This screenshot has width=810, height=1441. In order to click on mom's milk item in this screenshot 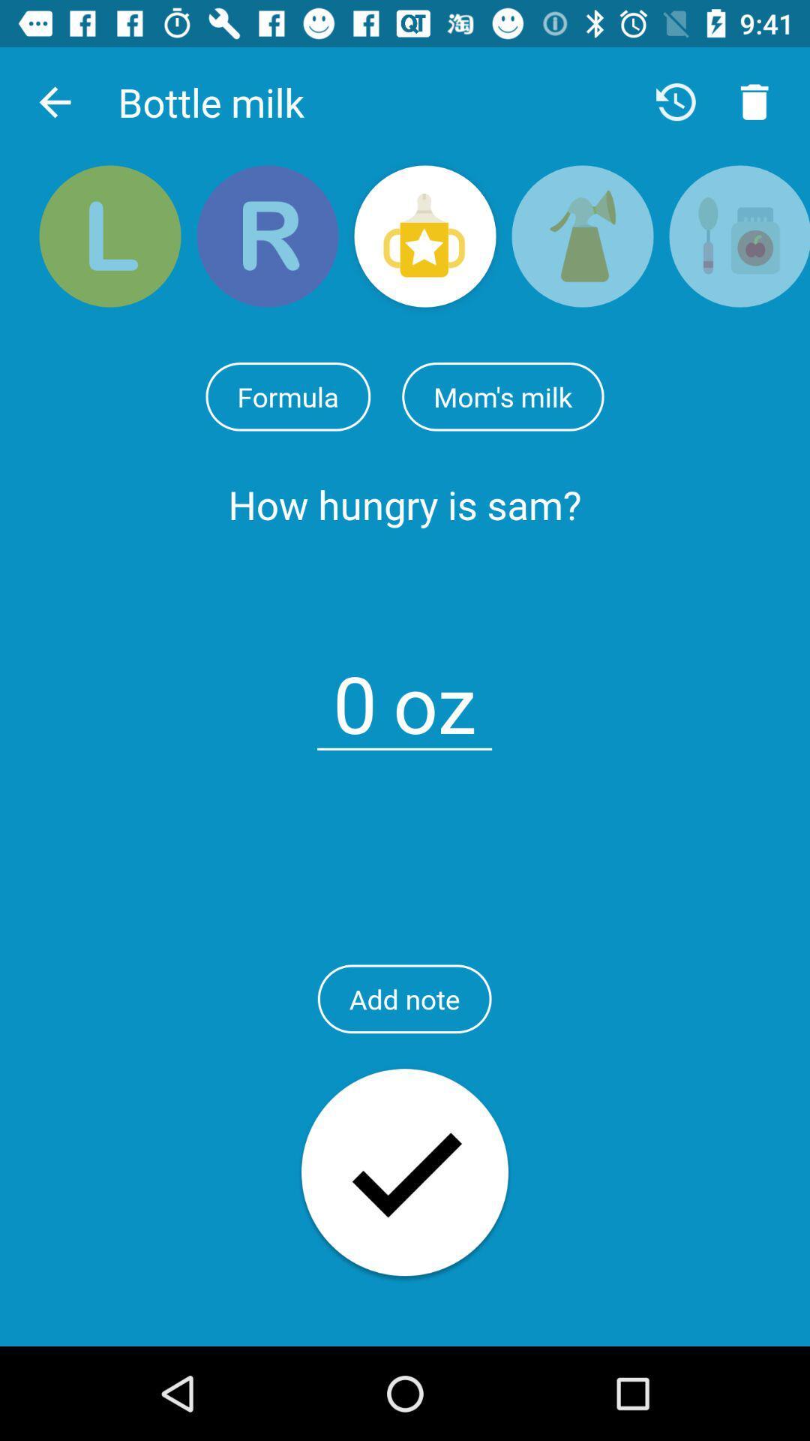, I will do `click(502, 396)`.